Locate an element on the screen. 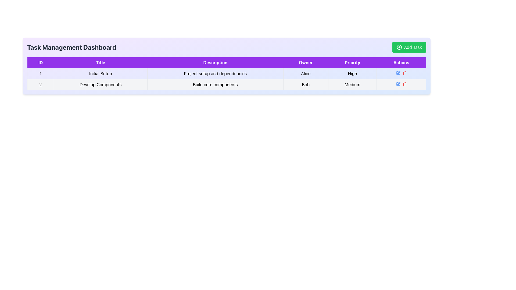 The image size is (516, 290). the square button with a pen overlay located in the 'Actions' column of the second row in the table to initiate editing is located at coordinates (398, 84).